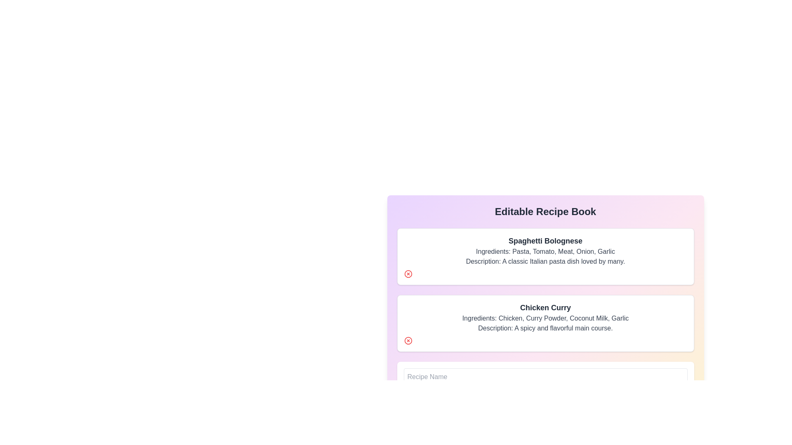 The image size is (792, 445). I want to click on the SVG circle element representing the delete button for the recipe item 'Spaghetti Bolognese' in the recipe editor interface for assistive technologies, so click(408, 340).